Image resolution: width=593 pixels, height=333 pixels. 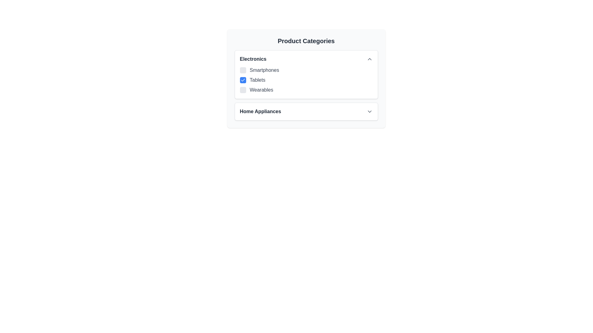 What do you see at coordinates (306, 80) in the screenshot?
I see `the 'Tablets' checkbox option within the 'Electronics' section` at bounding box center [306, 80].